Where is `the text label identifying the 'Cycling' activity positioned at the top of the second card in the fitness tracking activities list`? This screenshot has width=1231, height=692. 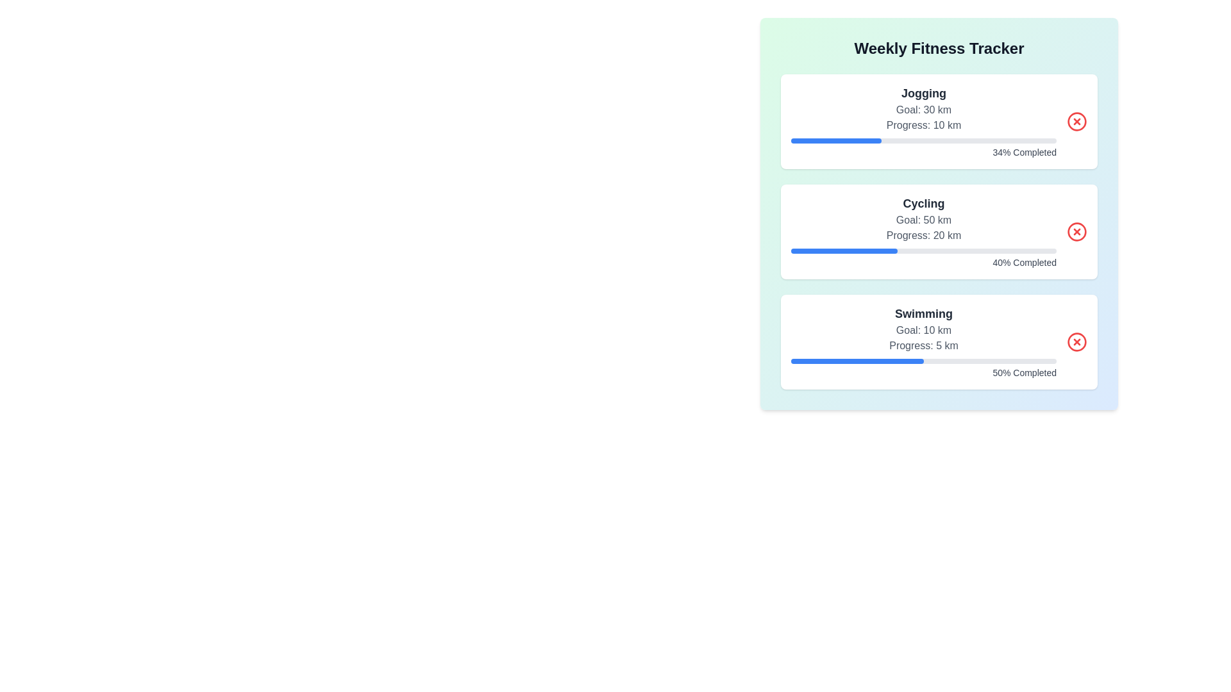
the text label identifying the 'Cycling' activity positioned at the top of the second card in the fitness tracking activities list is located at coordinates (923, 202).